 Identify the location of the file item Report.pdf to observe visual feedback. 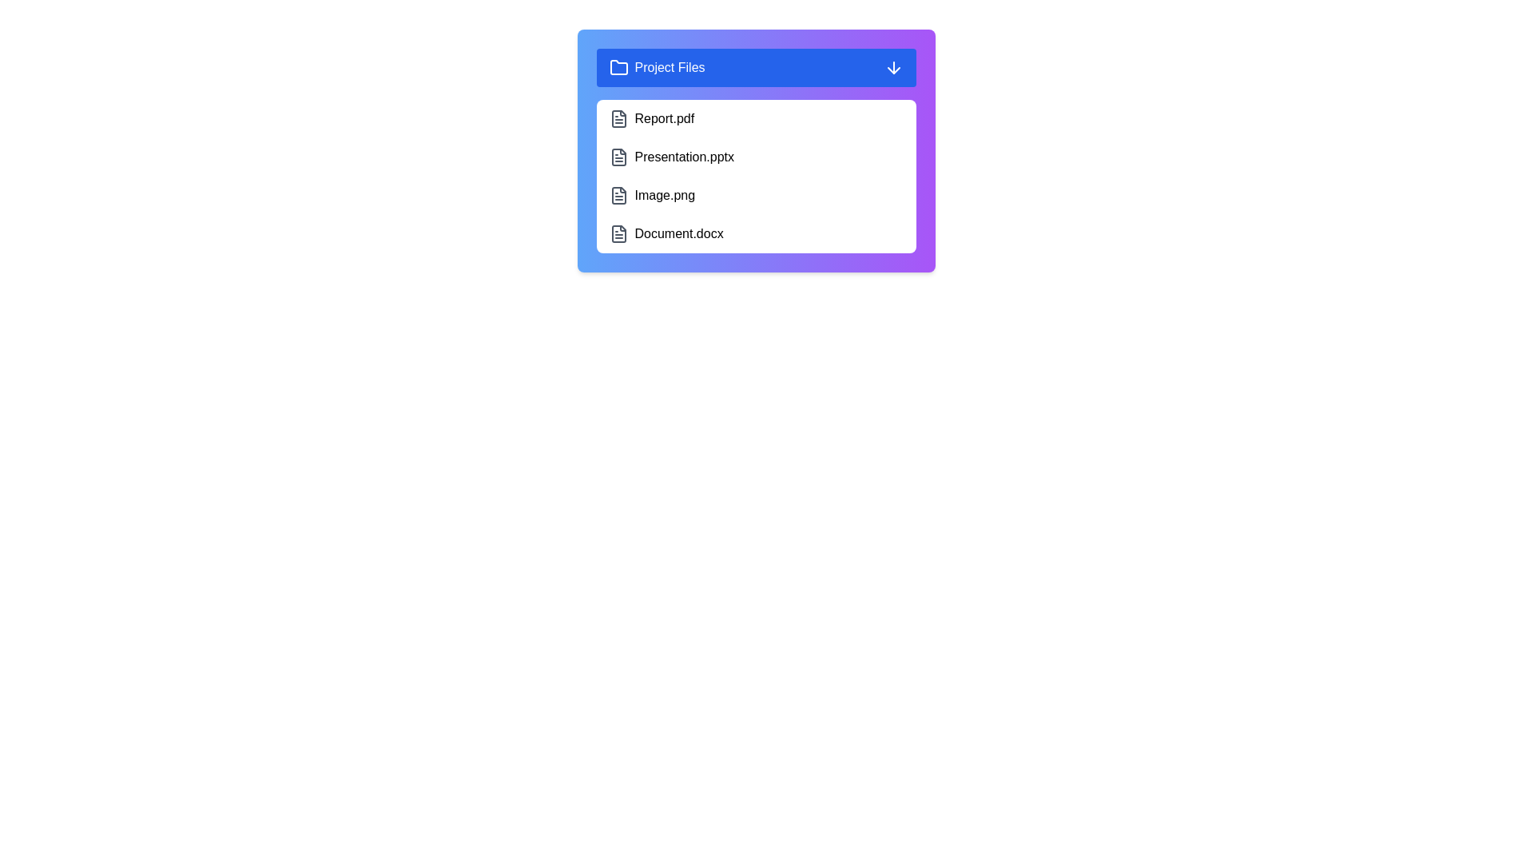
(755, 118).